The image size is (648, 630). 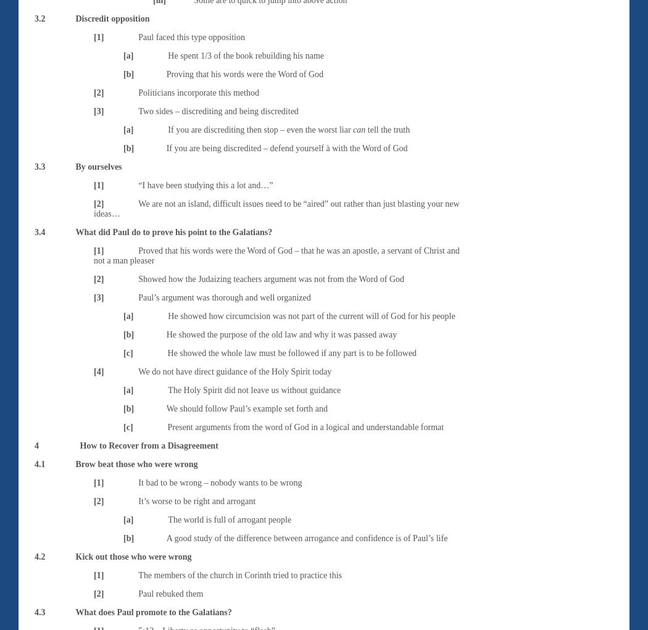 I want to click on '[4]', so click(x=94, y=371).